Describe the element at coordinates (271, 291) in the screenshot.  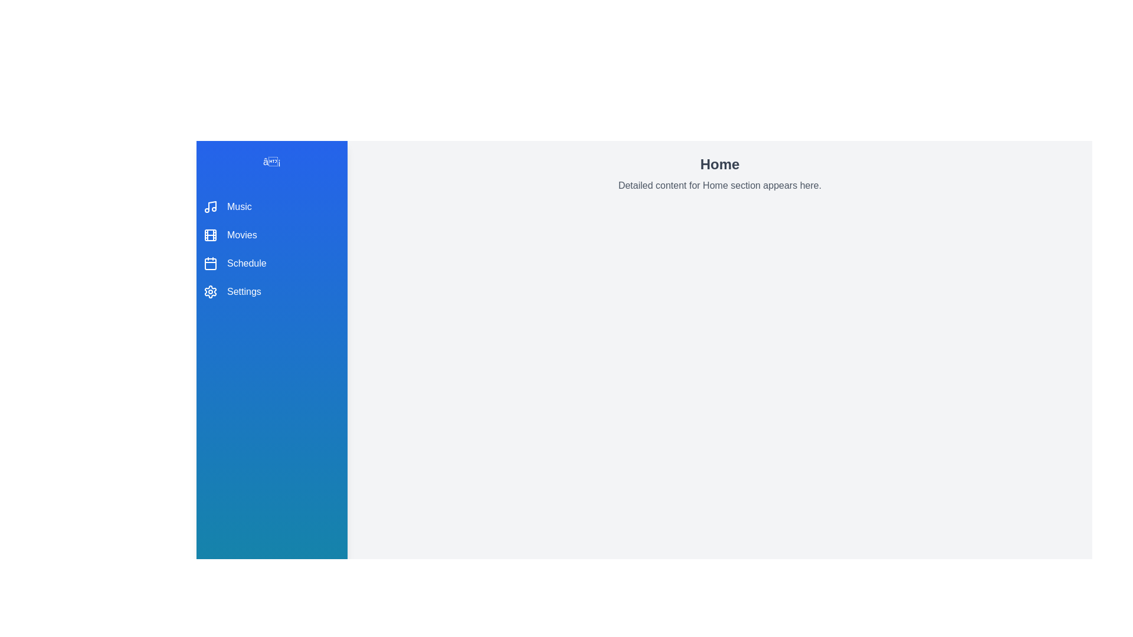
I see `the menu item Settings to view its details` at that location.